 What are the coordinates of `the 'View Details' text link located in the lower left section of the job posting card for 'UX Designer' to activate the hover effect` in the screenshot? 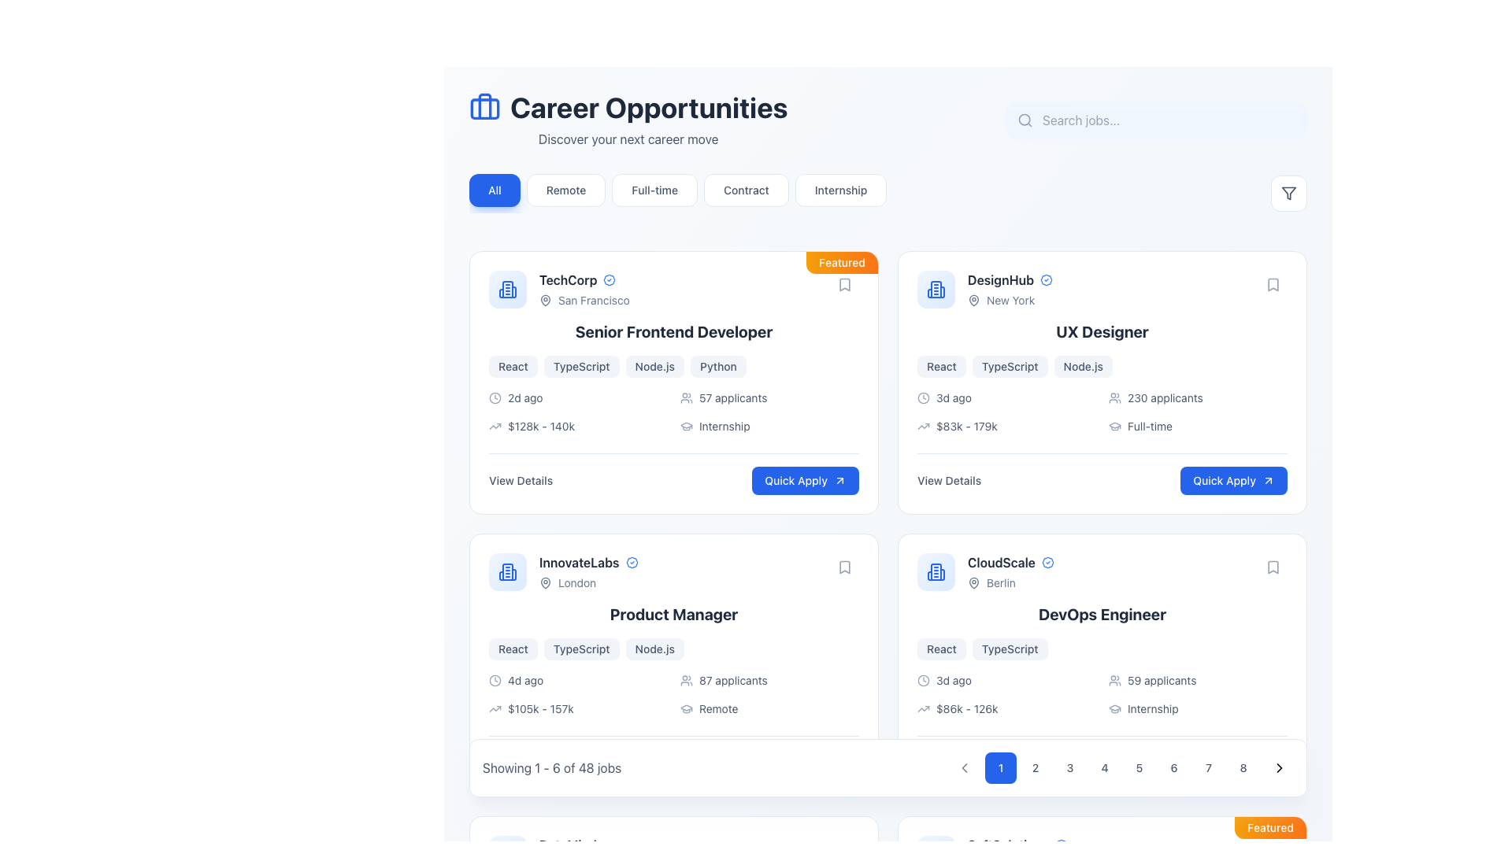 It's located at (948, 479).